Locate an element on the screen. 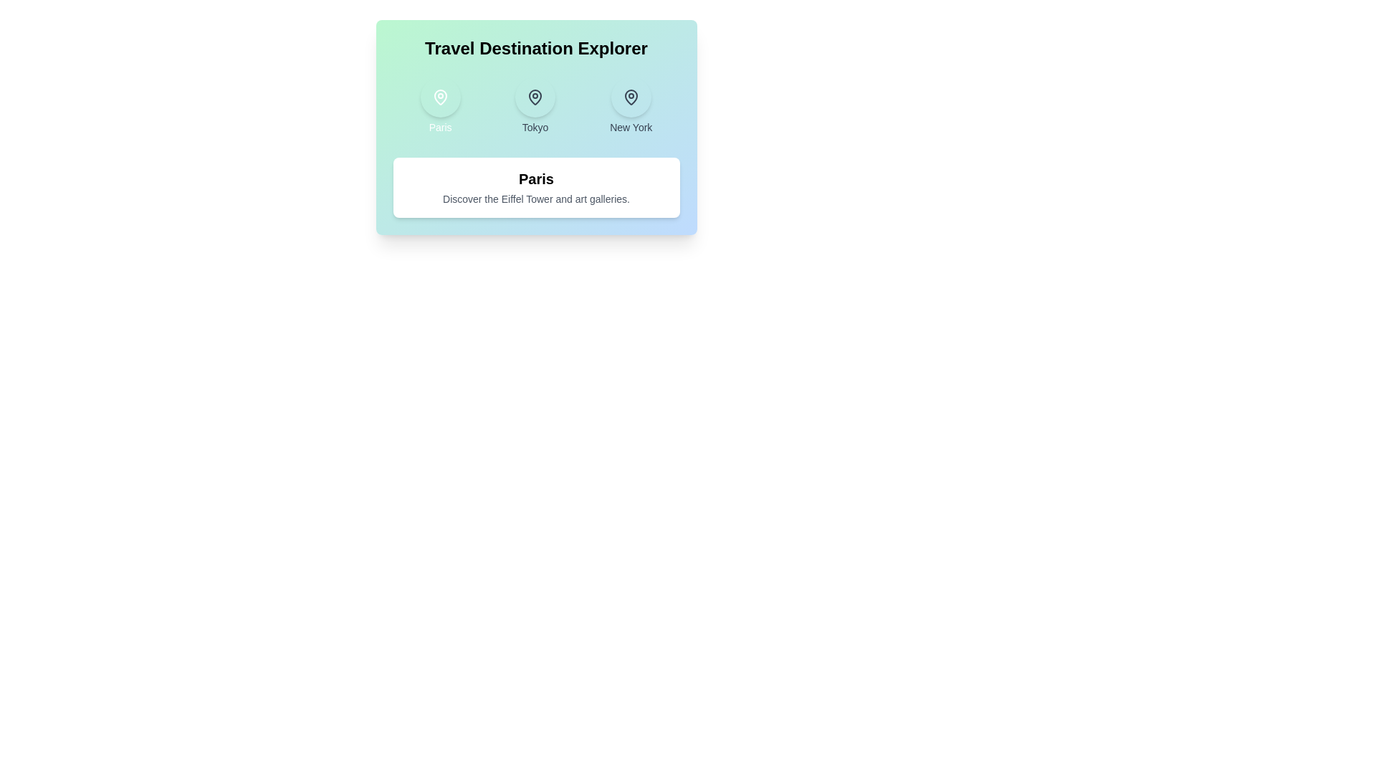 The width and height of the screenshot is (1376, 774). the Informational Card displaying 'Paris' in the Travel Destination Explorer interface to access related elements is located at coordinates (535, 187).